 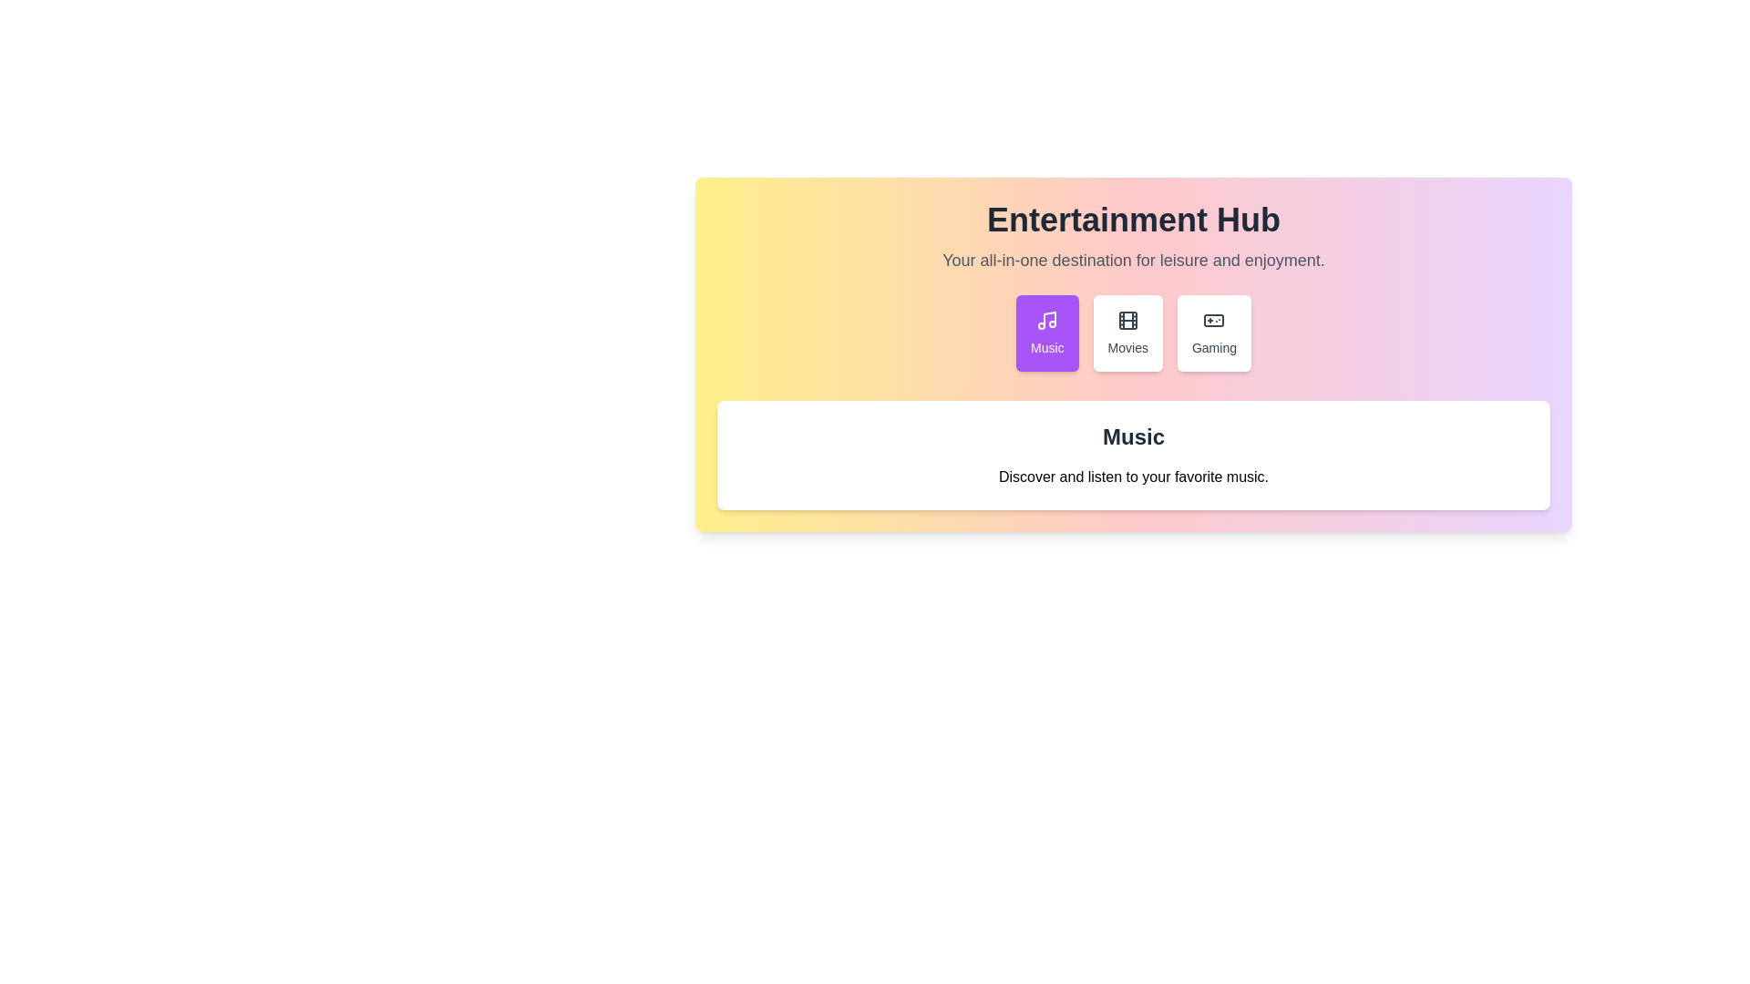 What do you see at coordinates (1127, 319) in the screenshot?
I see `the Decorative SVG rectangle that is part of the 'Movies' icon in the entertainment options row` at bounding box center [1127, 319].